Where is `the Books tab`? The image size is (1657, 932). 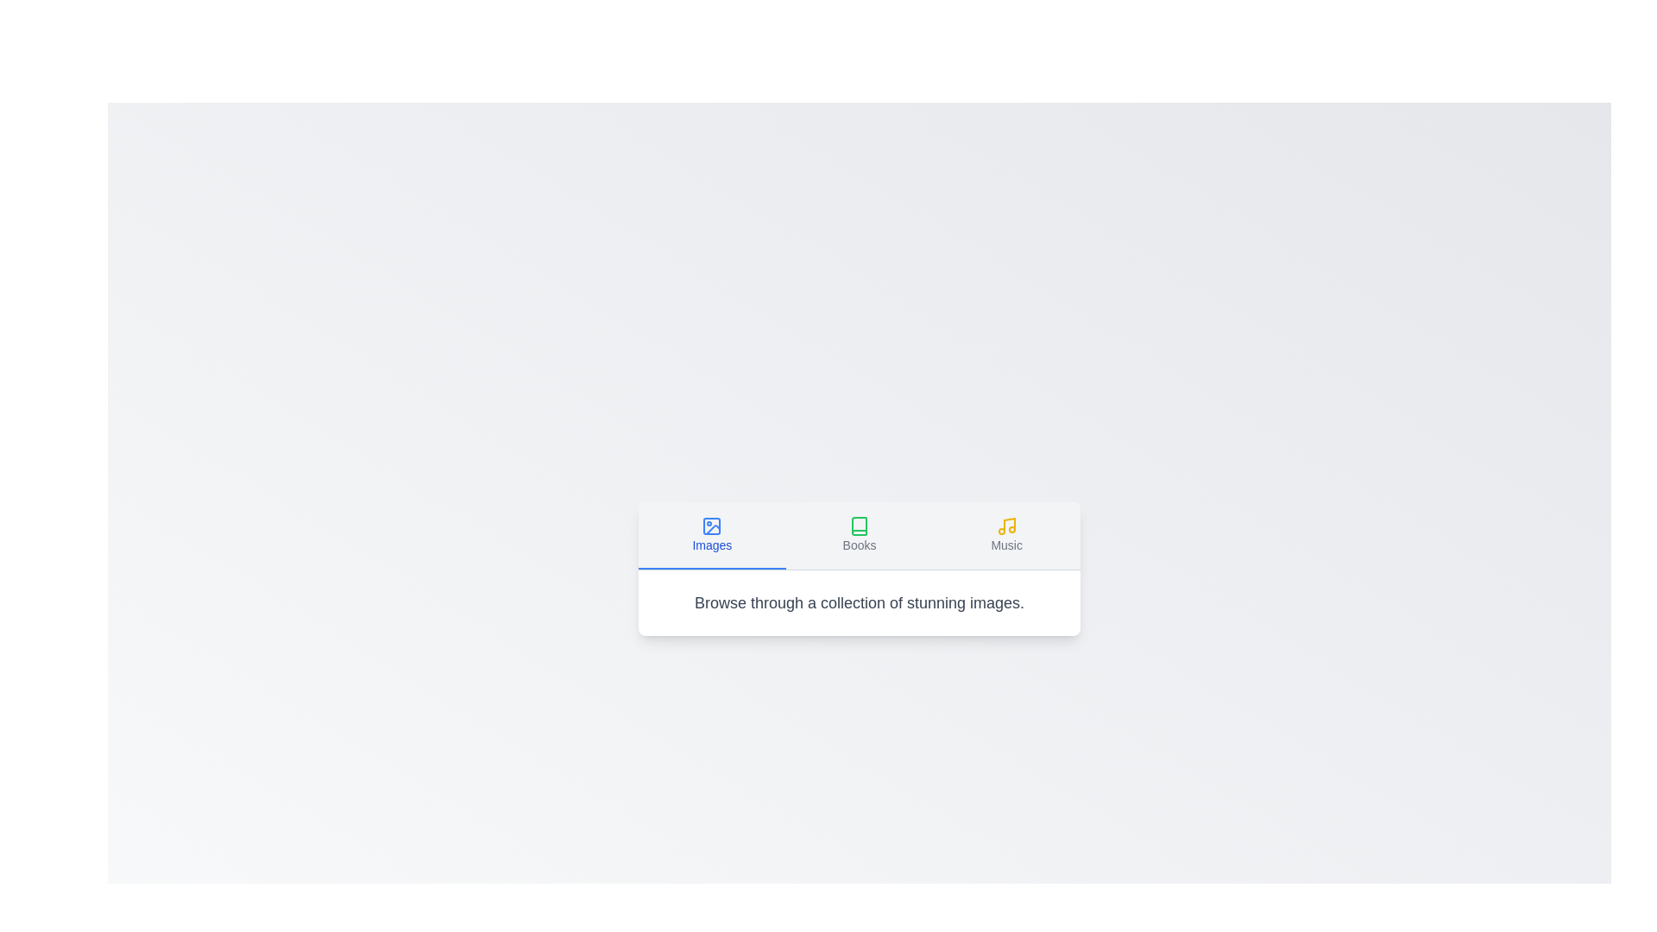
the Books tab is located at coordinates (860, 534).